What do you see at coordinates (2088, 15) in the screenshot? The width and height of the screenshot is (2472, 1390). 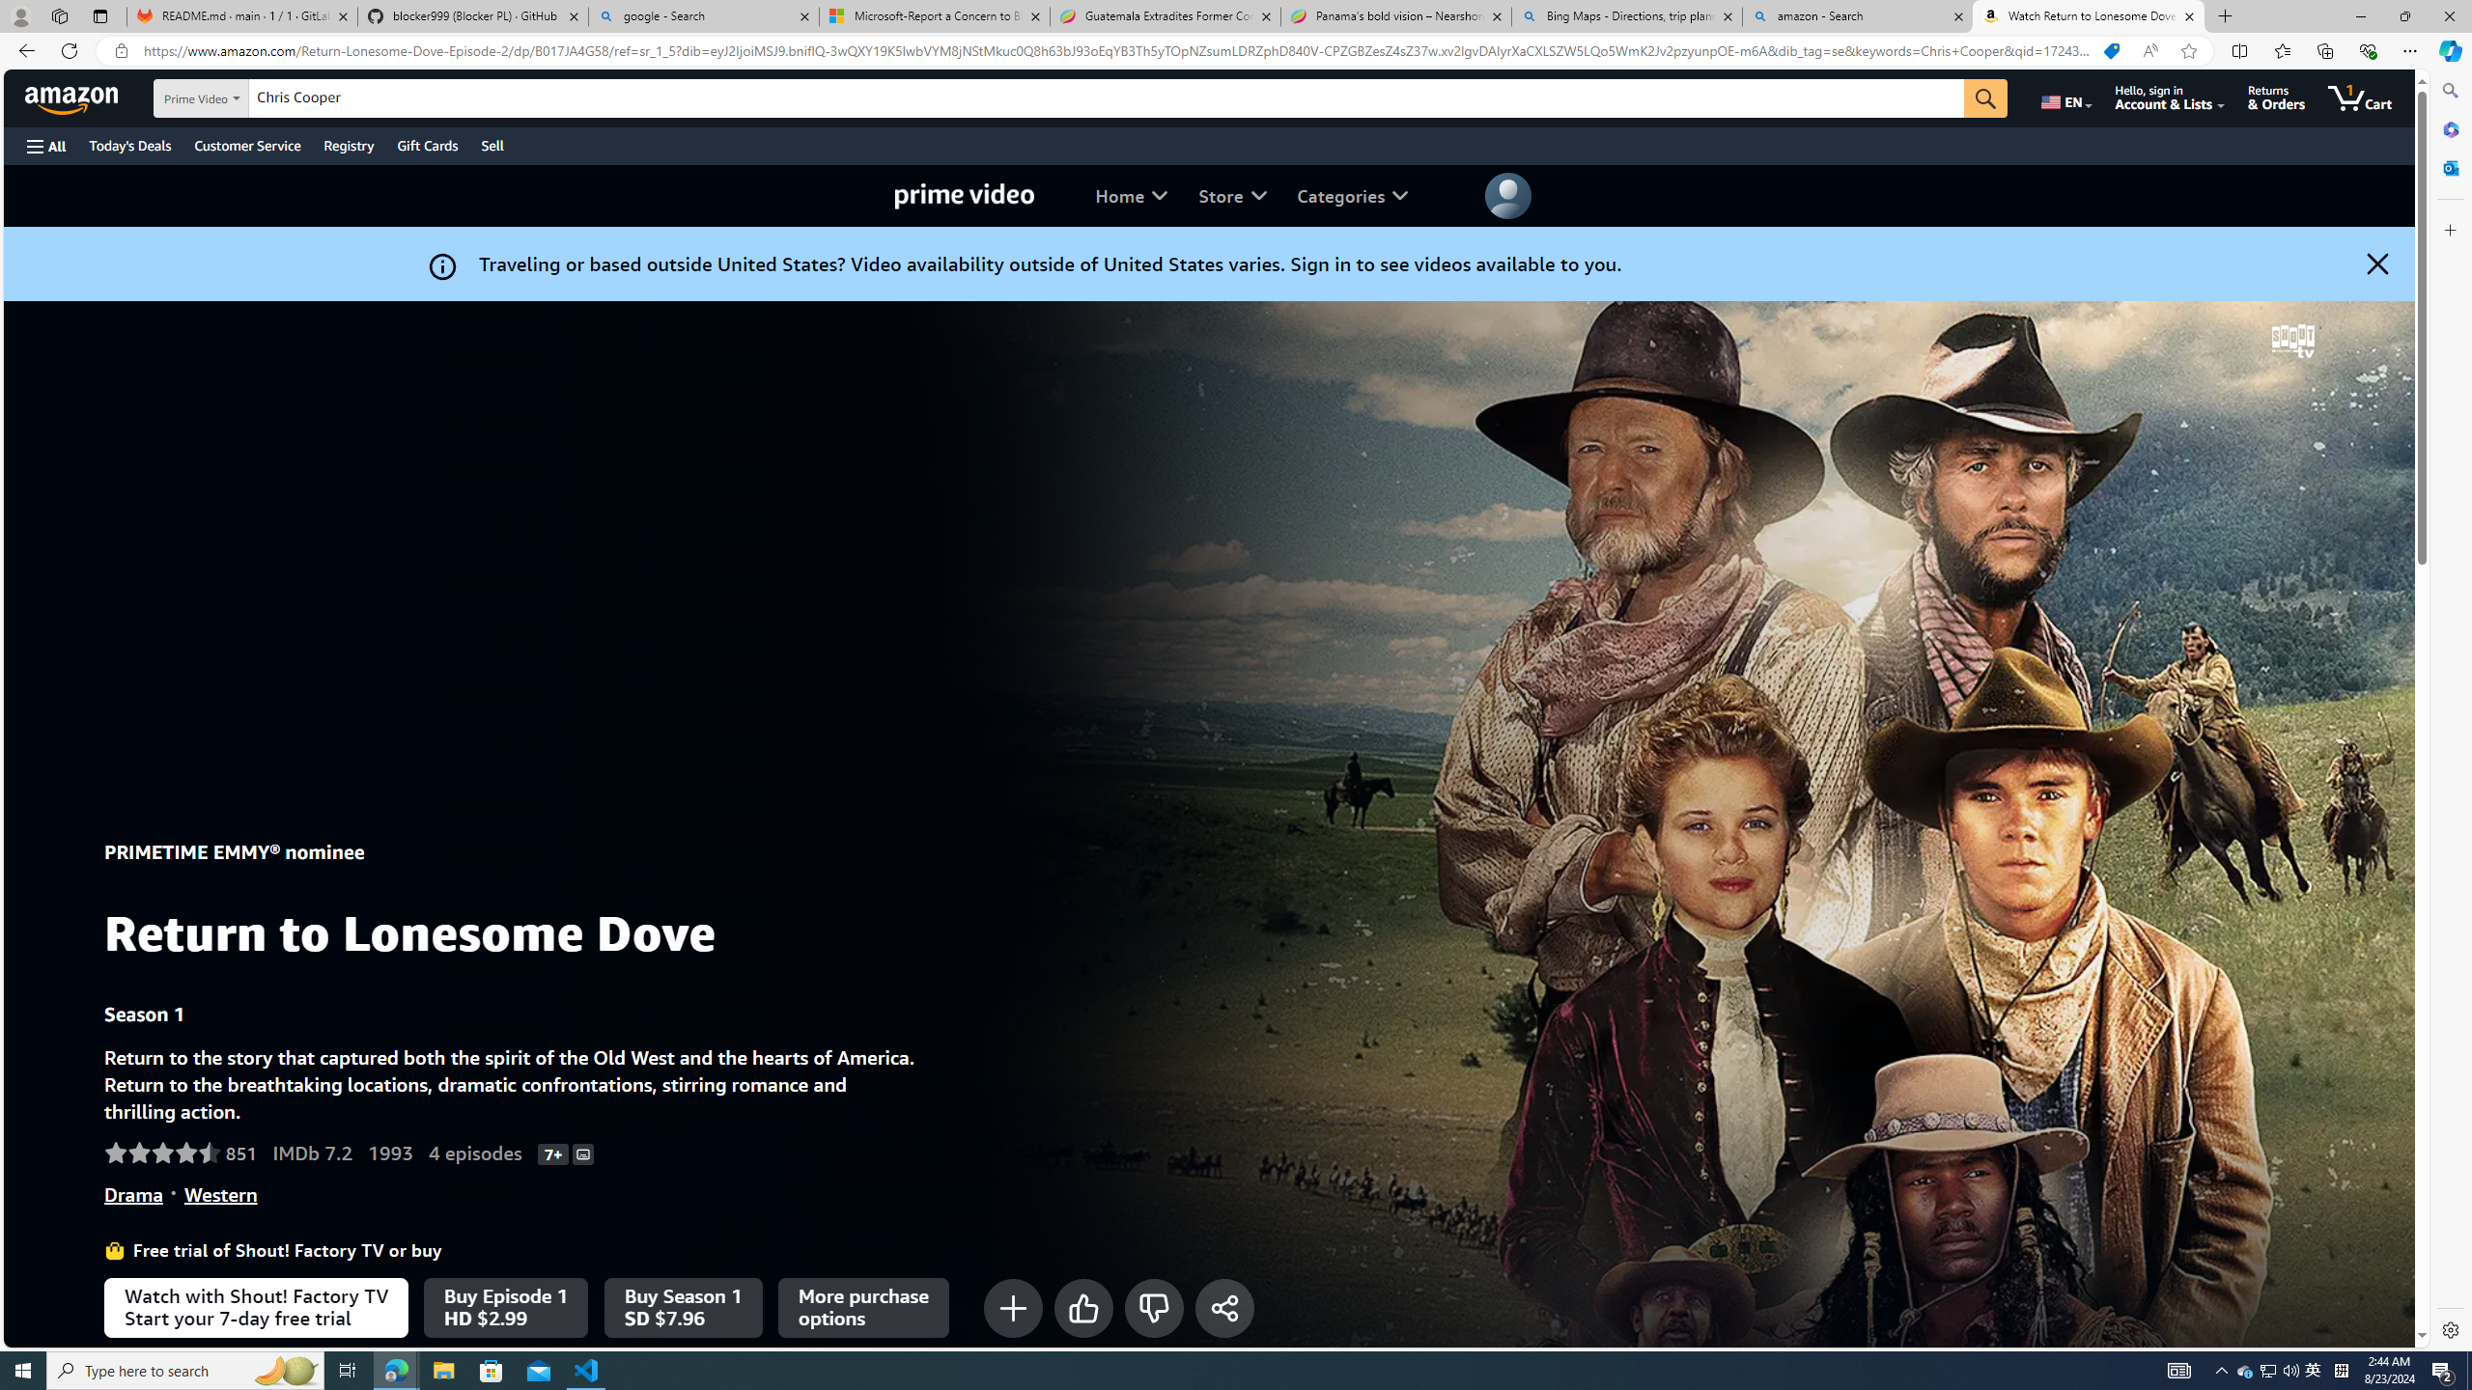 I see `'Watch Return to Lonesome Dove Season 1 | Prime Video'` at bounding box center [2088, 15].